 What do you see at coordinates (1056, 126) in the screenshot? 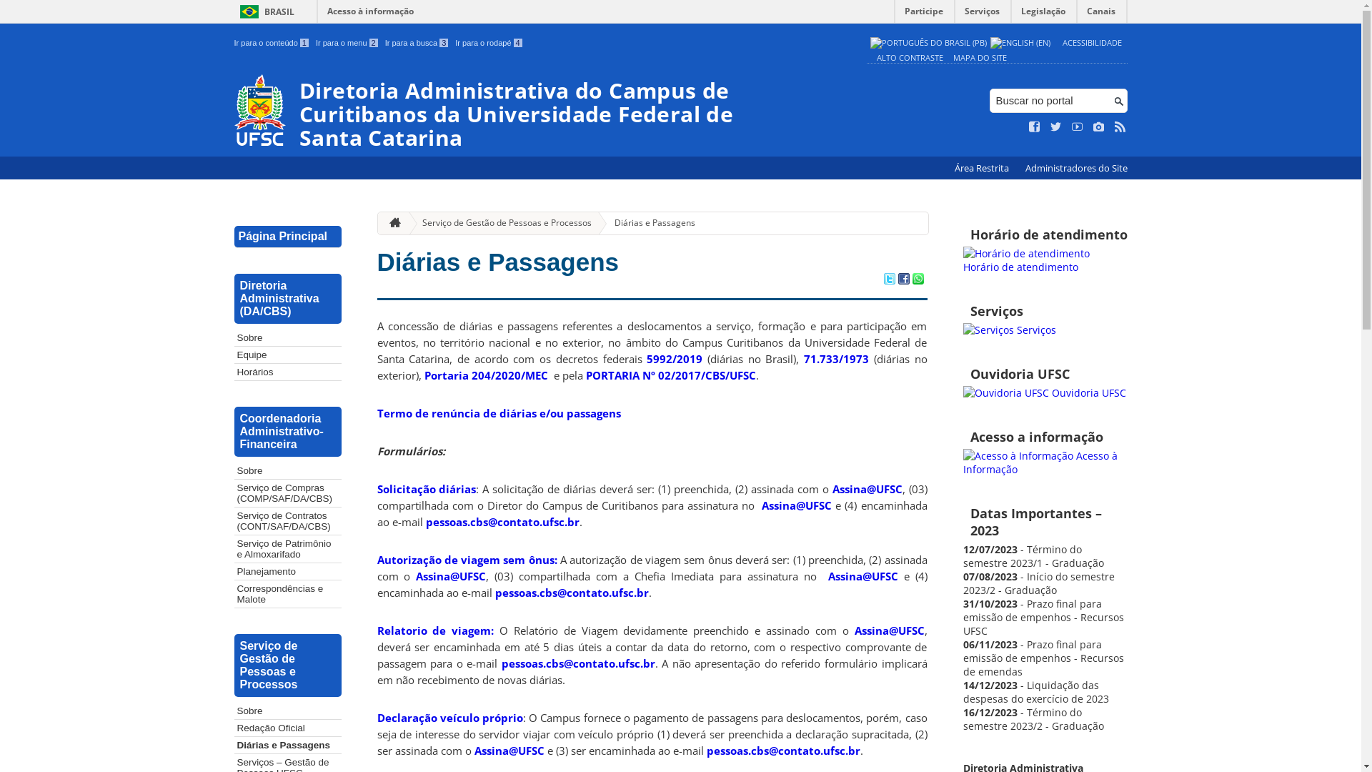
I see `'Siga no Twitter'` at bounding box center [1056, 126].